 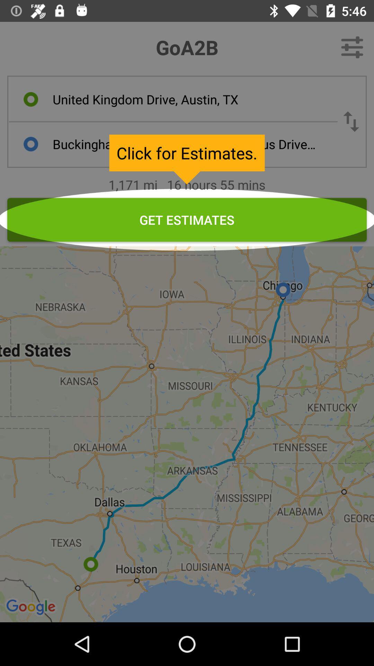 I want to click on reverse travel route, so click(x=351, y=121).